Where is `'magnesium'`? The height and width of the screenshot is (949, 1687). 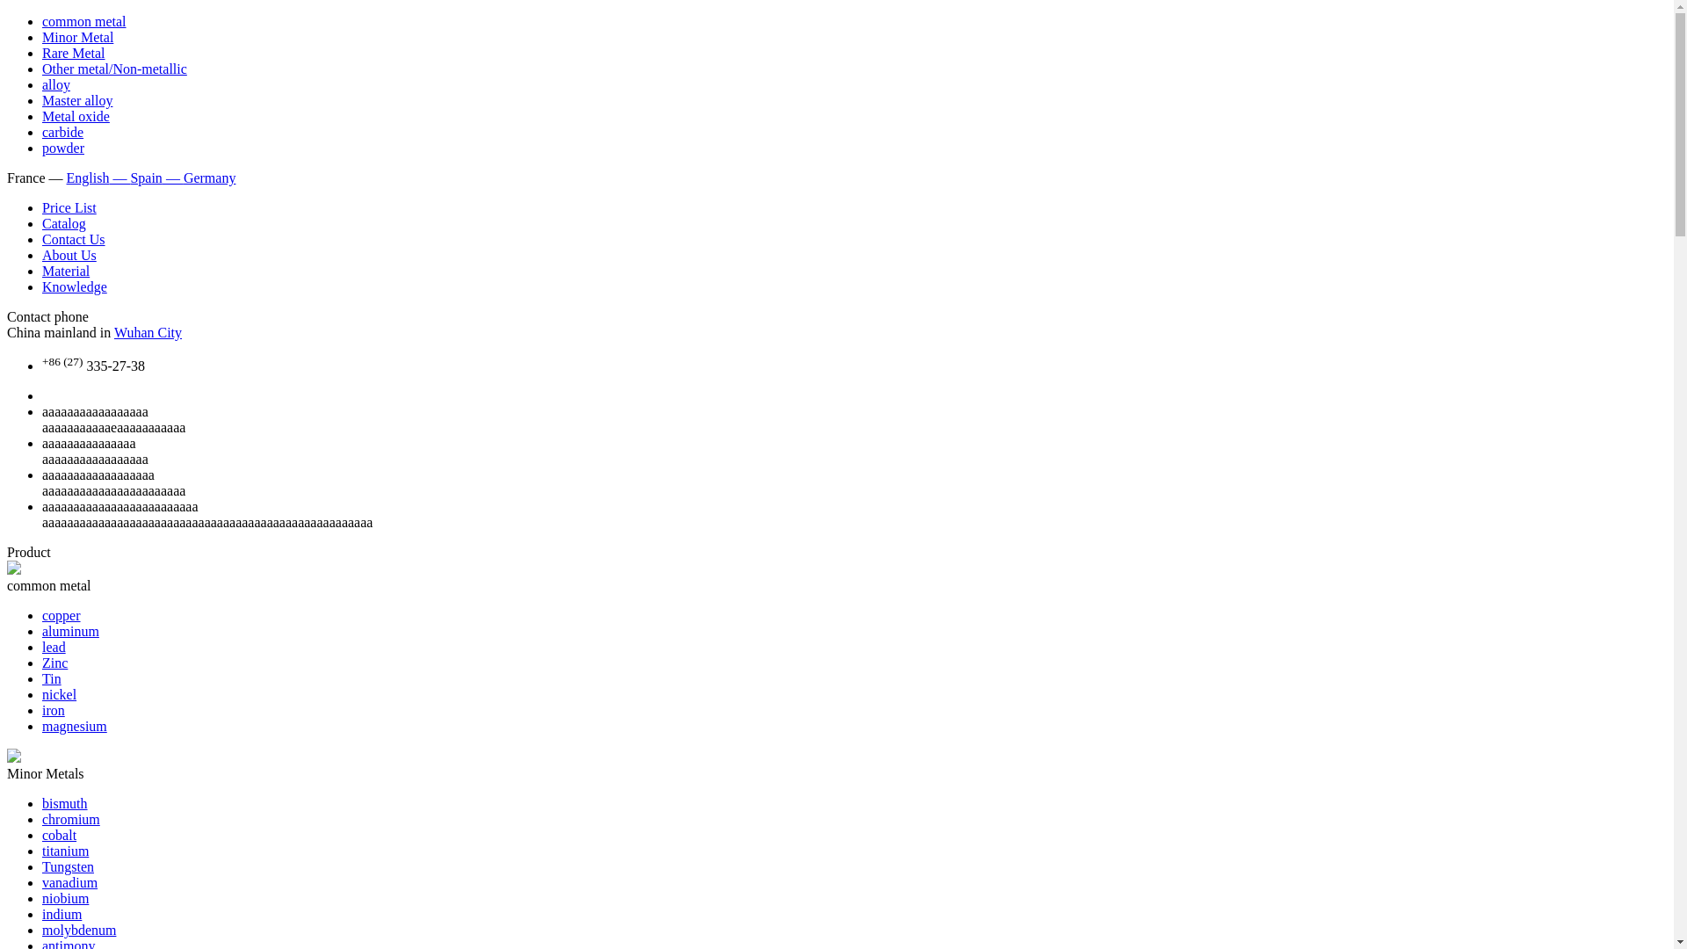 'magnesium' is located at coordinates (74, 726).